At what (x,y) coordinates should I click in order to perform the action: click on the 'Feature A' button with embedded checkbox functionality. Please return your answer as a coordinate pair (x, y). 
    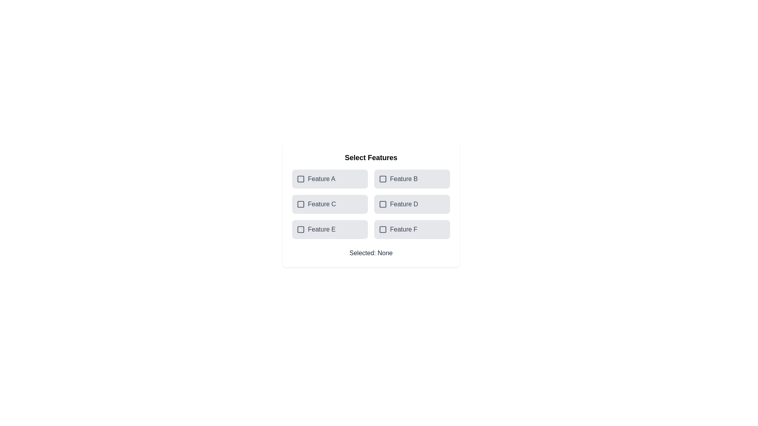
    Looking at the image, I should click on (330, 179).